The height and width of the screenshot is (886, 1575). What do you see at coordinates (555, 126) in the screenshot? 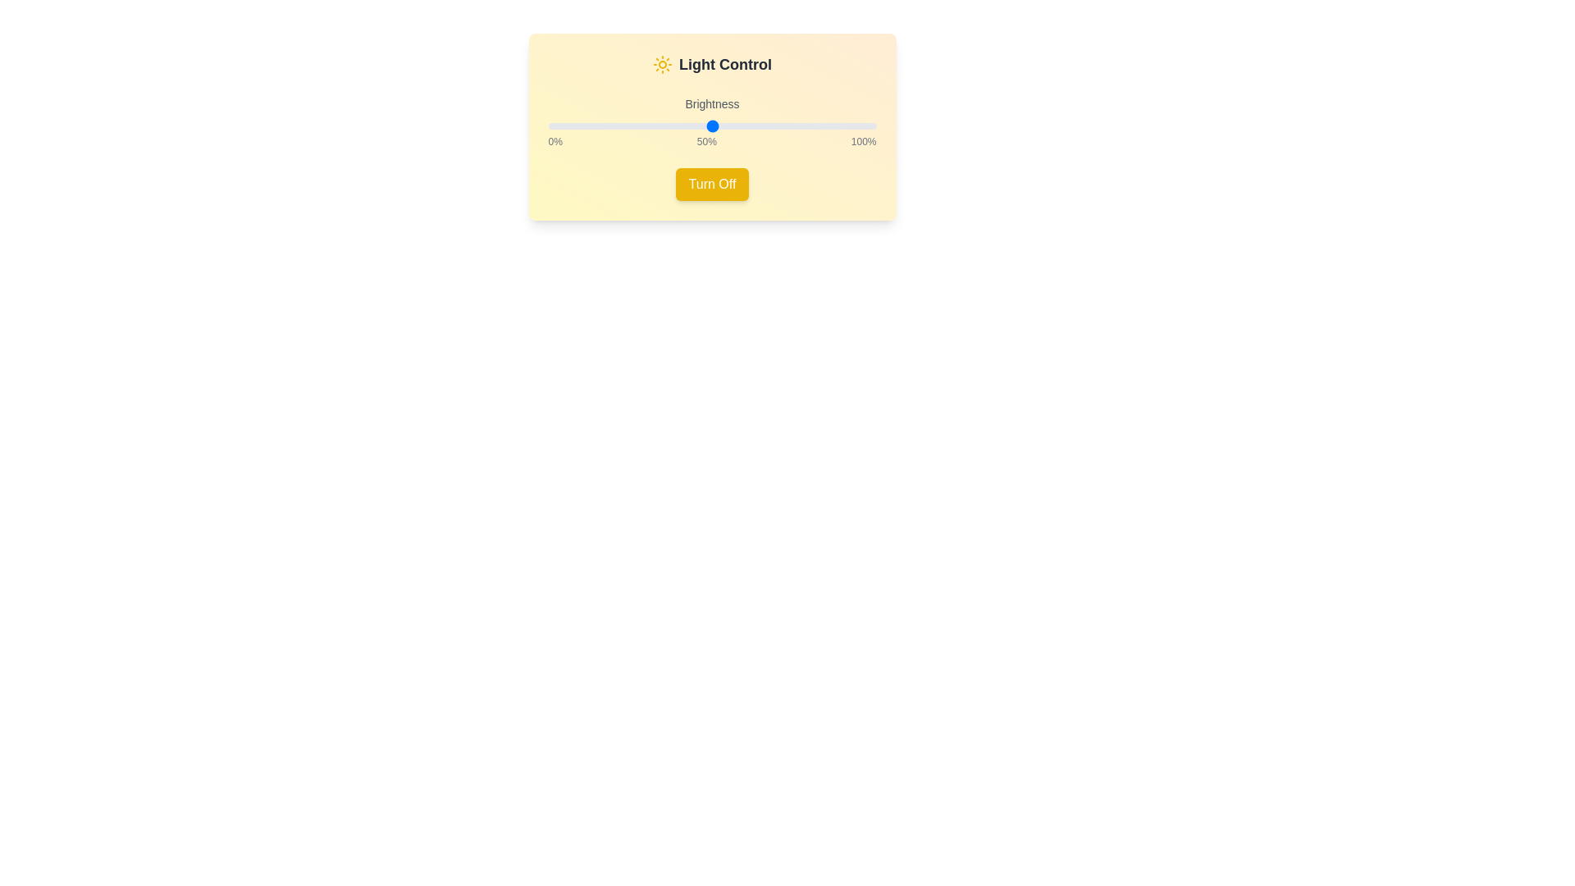
I see `the brightness level` at bounding box center [555, 126].